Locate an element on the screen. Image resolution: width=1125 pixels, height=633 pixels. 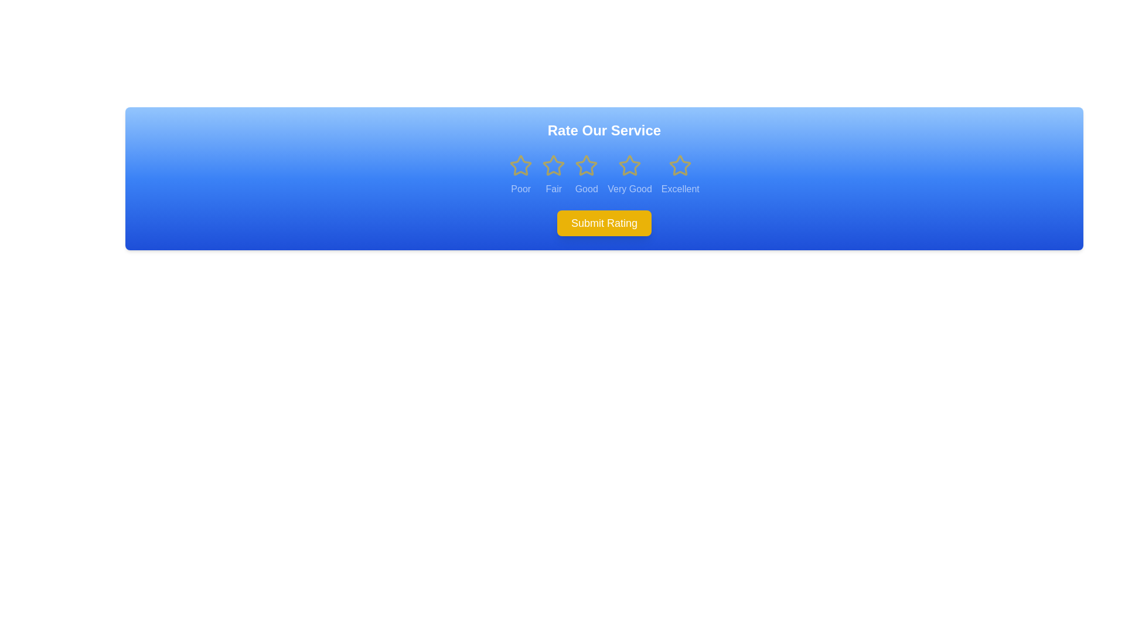
the gold-outlined star icon is located at coordinates (587, 175).